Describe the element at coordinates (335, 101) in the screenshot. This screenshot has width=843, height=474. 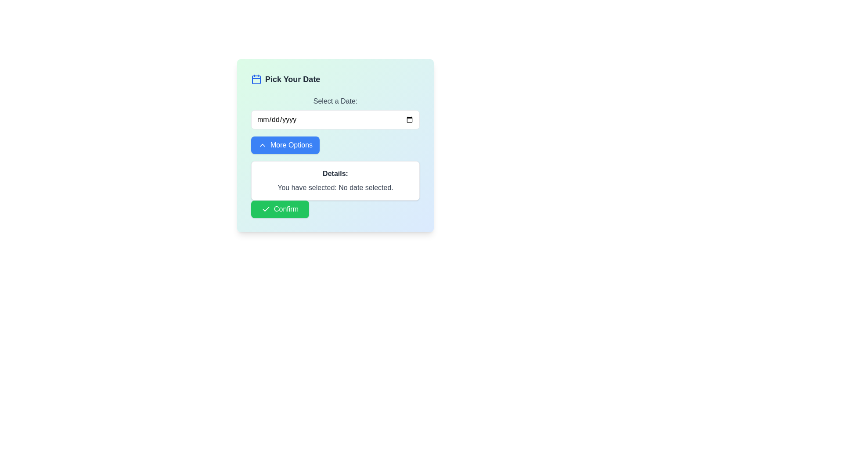
I see `the text label displaying 'Select a Date:'` at that location.